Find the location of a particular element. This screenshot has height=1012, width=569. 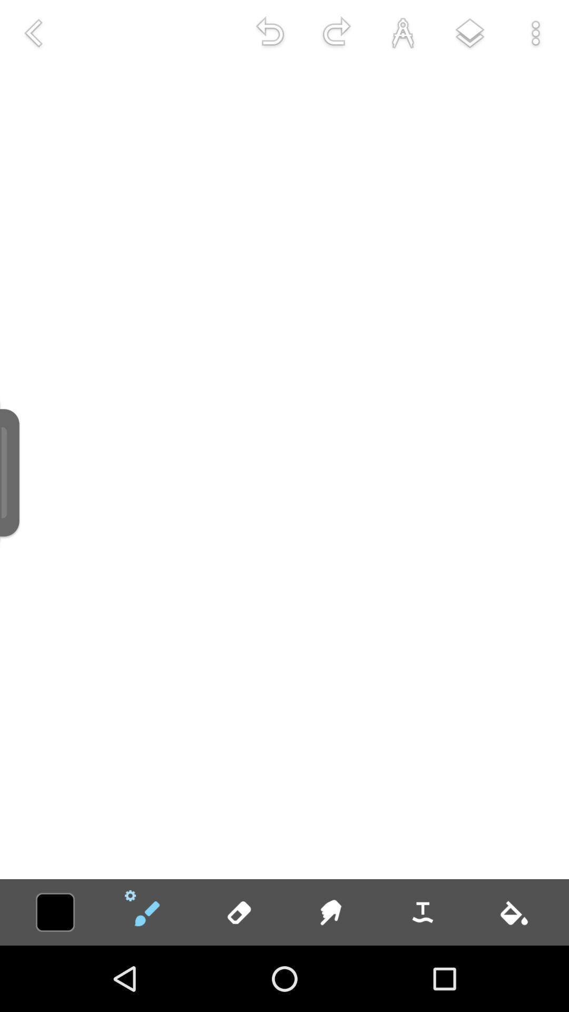

the more icon is located at coordinates (536, 33).